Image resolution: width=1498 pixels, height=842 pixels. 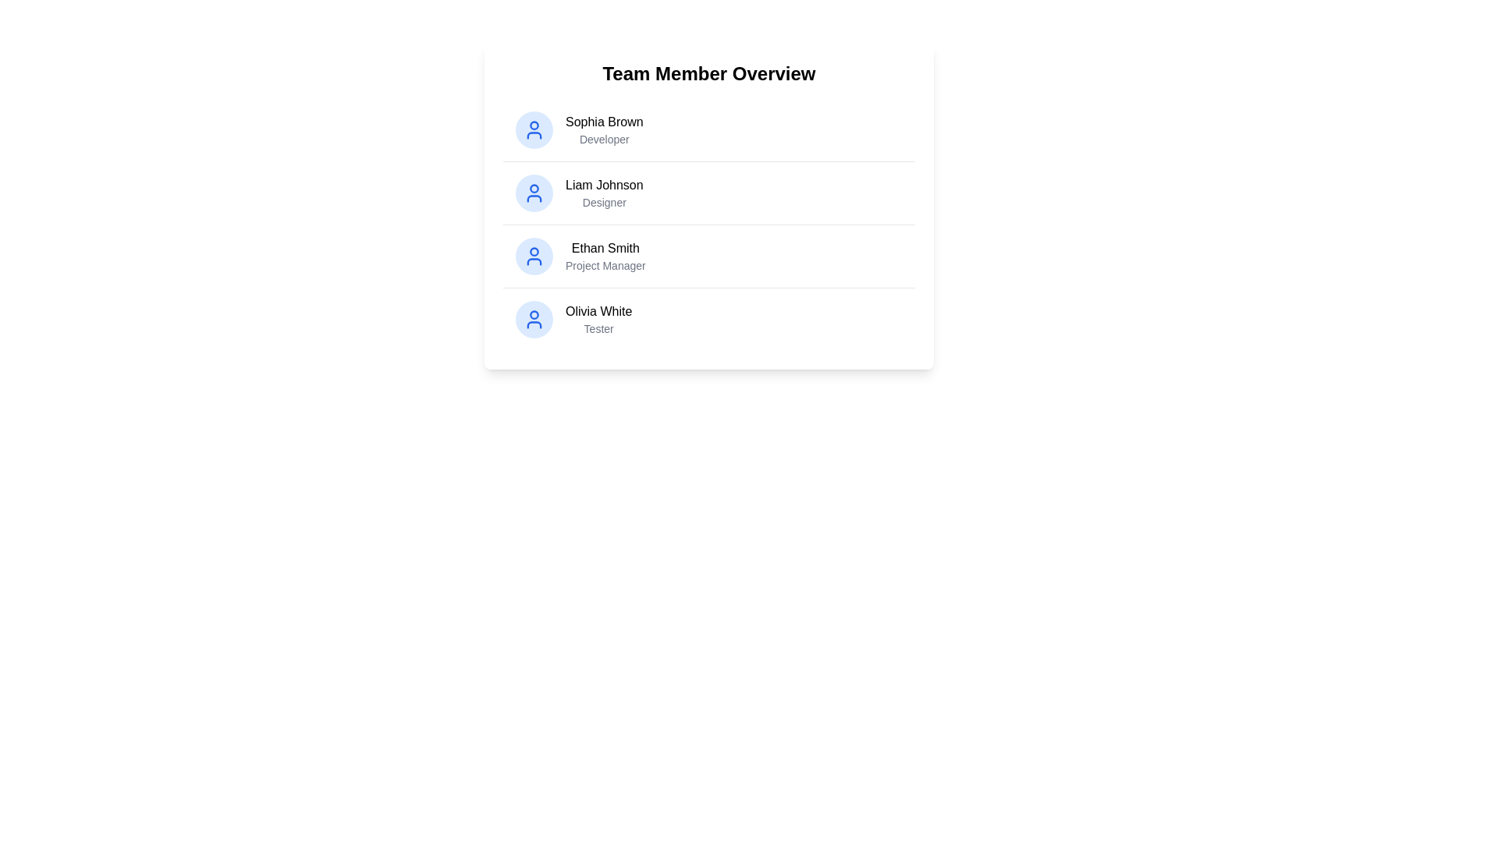 I want to click on to select the user profile details of the team member positioned as the second item in the list, showcasing their name and title, located between 'Sophia Brown' and 'Ethan Smith', so click(x=708, y=192).